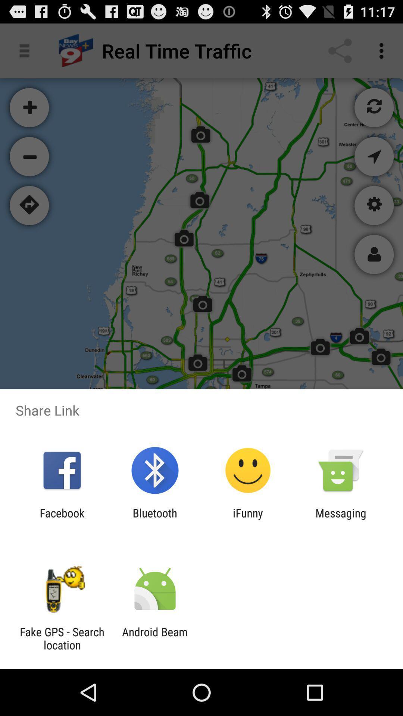  I want to click on the app to the left of ifunny, so click(154, 519).